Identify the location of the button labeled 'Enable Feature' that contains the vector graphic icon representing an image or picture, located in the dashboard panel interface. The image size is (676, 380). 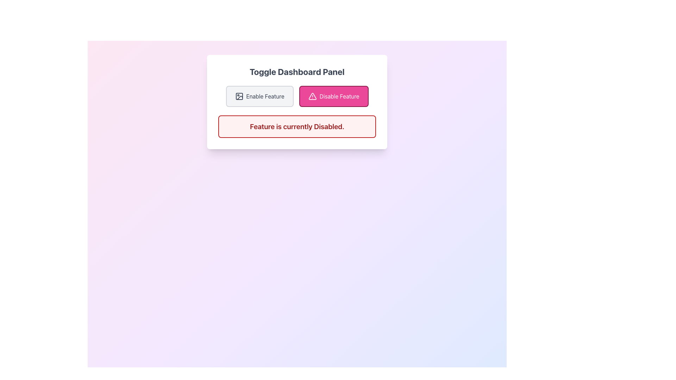
(240, 97).